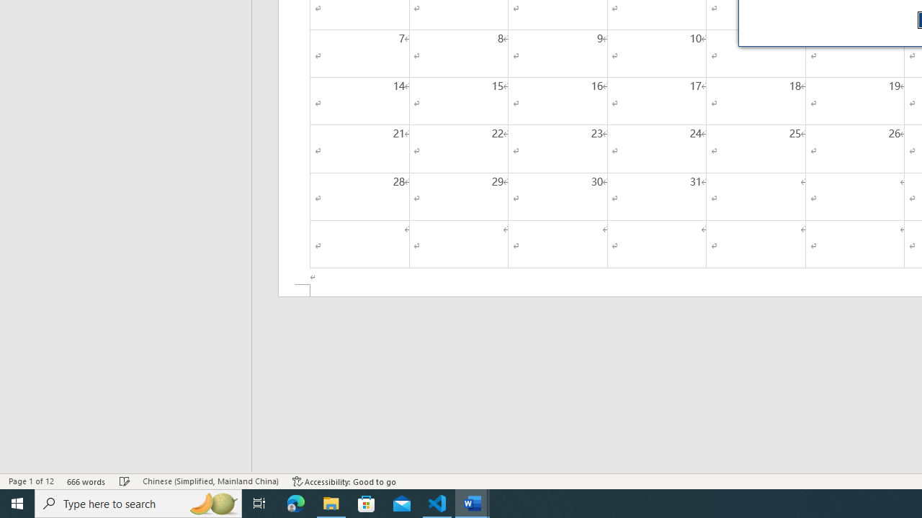 This screenshot has height=518, width=922. Describe the element at coordinates (295, 502) in the screenshot. I see `'Microsoft Edge'` at that location.